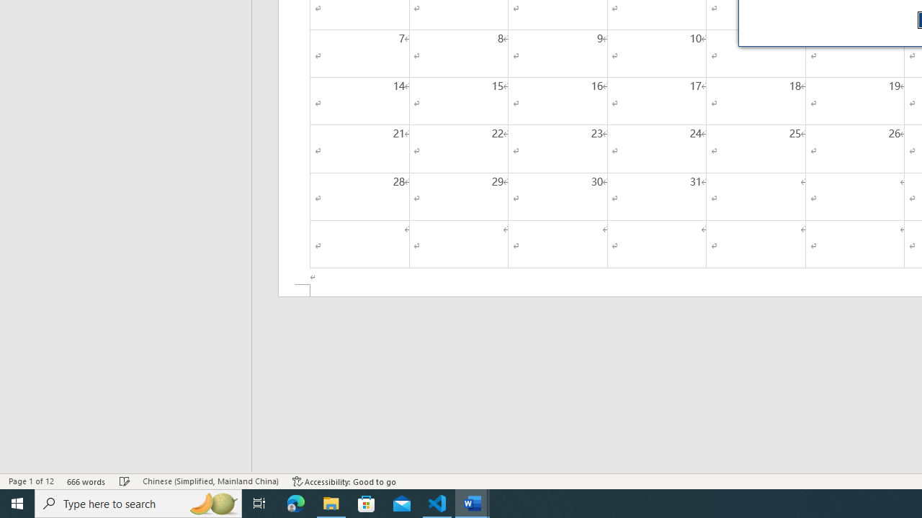 This screenshot has height=518, width=922. Describe the element at coordinates (295, 502) in the screenshot. I see `'Microsoft Edge'` at that location.